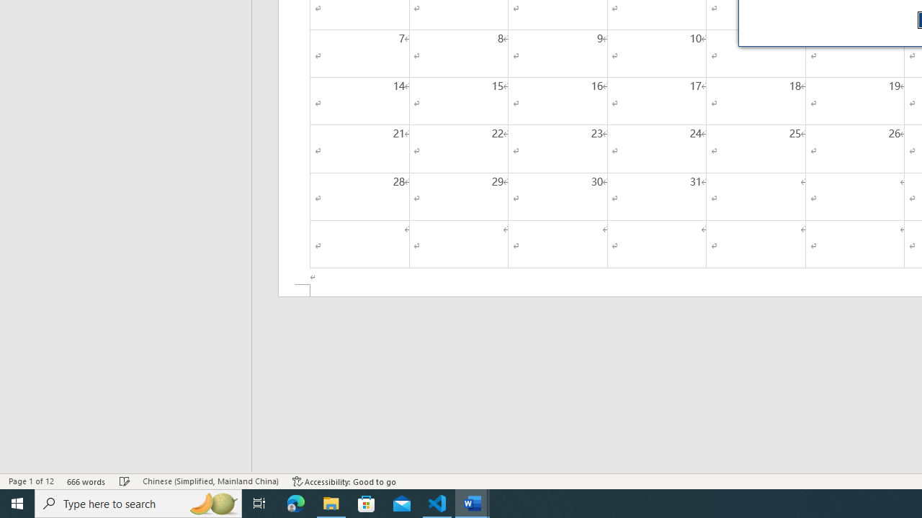 This screenshot has height=518, width=922. Describe the element at coordinates (295, 502) in the screenshot. I see `'Microsoft Edge'` at that location.